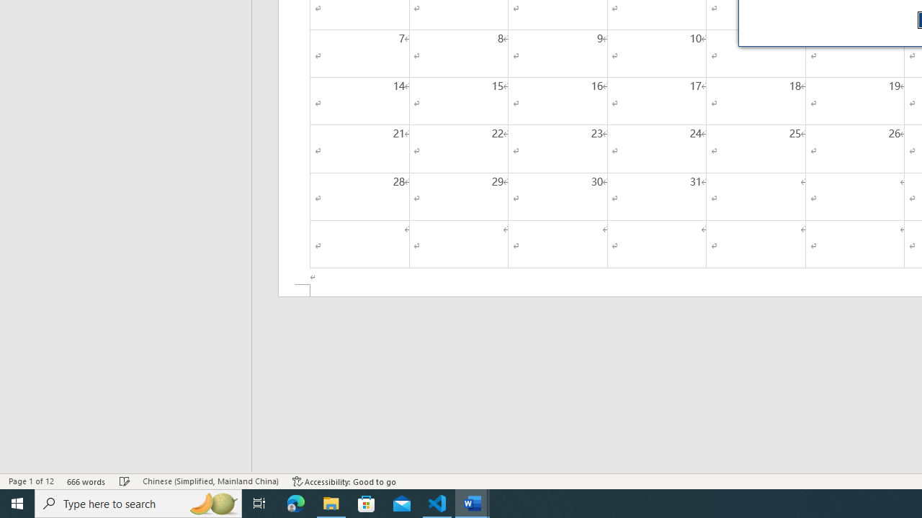 This screenshot has height=518, width=922. Describe the element at coordinates (295, 502) in the screenshot. I see `'Microsoft Edge'` at that location.